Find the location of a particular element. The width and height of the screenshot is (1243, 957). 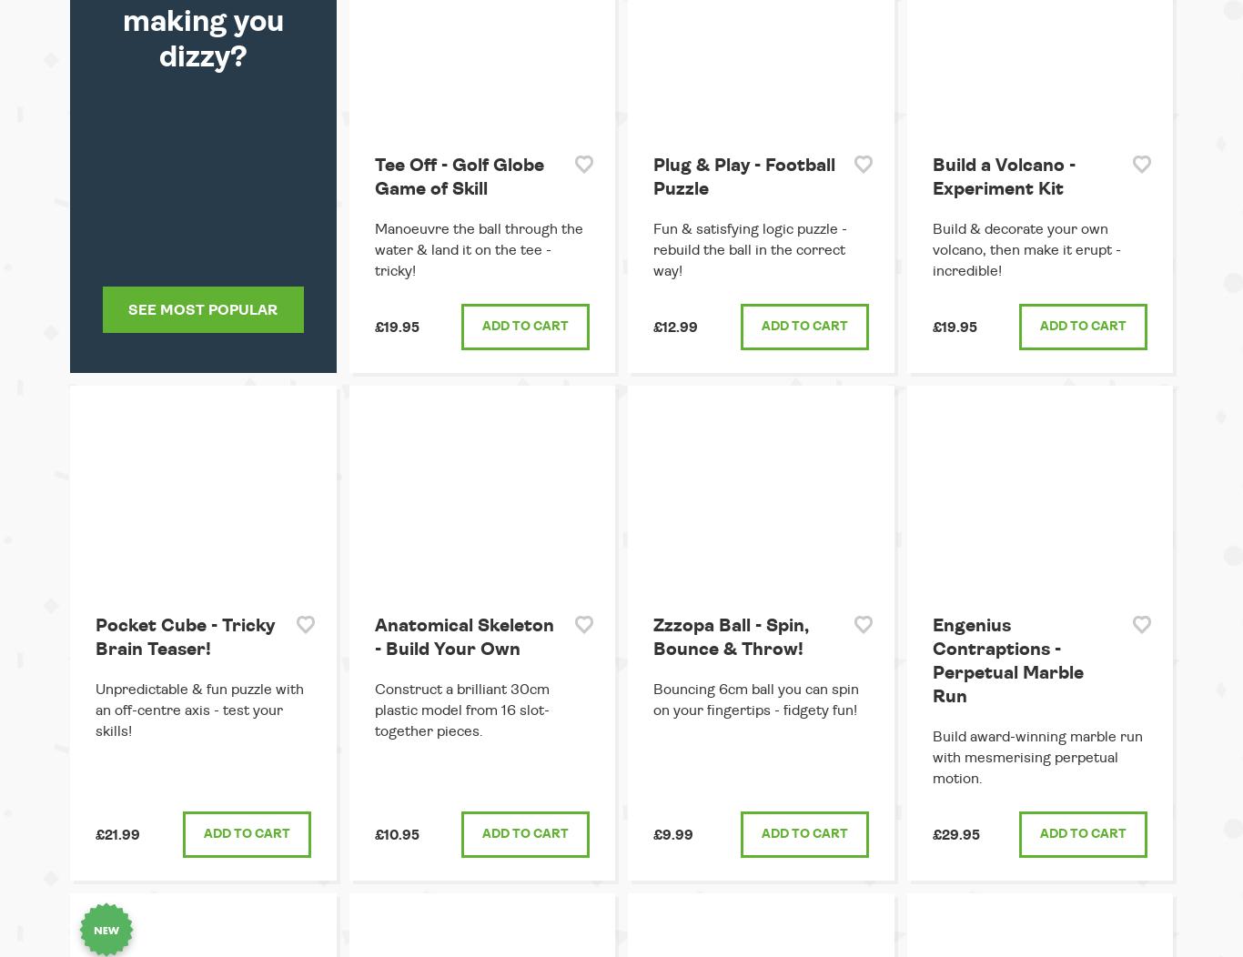

'£9.99' is located at coordinates (672, 834).